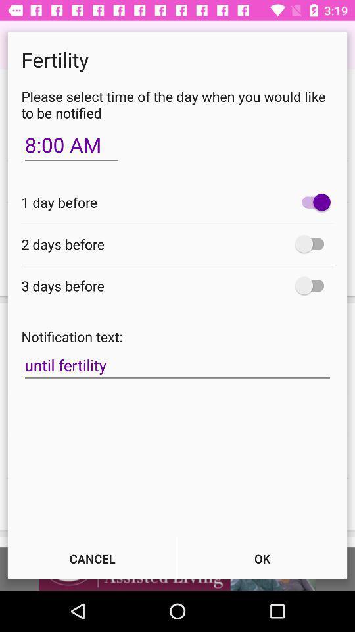 The width and height of the screenshot is (355, 632). I want to click on icon to the right of the 1 day before icon, so click(312, 202).